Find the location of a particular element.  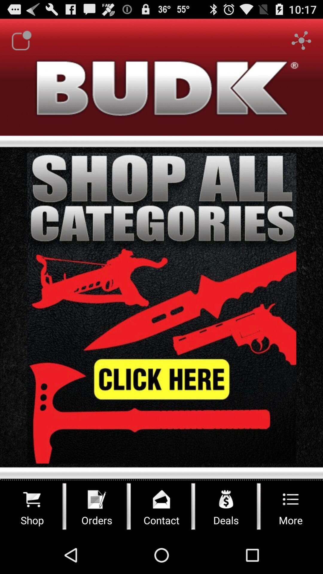

the settings icon is located at coordinates (301, 43).